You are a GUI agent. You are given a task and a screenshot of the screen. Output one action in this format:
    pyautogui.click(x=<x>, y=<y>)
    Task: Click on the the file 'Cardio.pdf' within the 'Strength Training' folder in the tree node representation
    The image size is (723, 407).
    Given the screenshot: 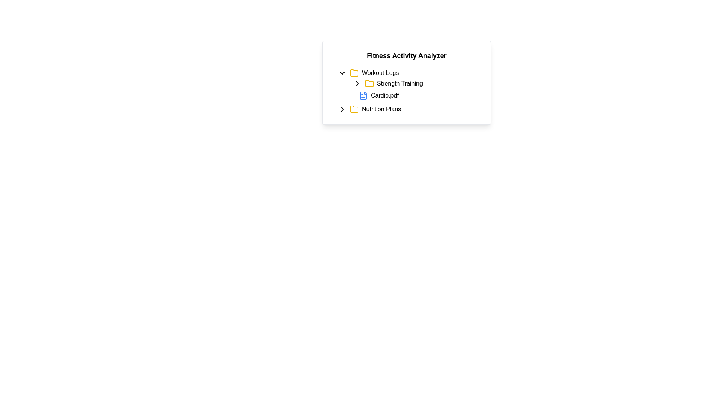 What is the action you would take?
    pyautogui.click(x=409, y=89)
    